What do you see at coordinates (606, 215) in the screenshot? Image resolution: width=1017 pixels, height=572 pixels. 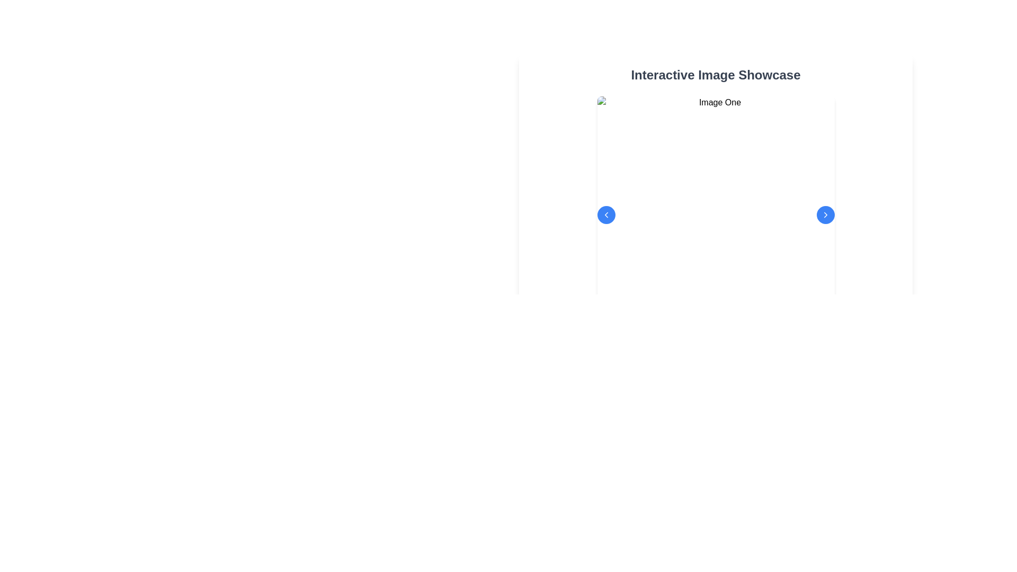 I see `the left navigation button that allows users to move to the previous image in the sequence, located near 'Image One'` at bounding box center [606, 215].